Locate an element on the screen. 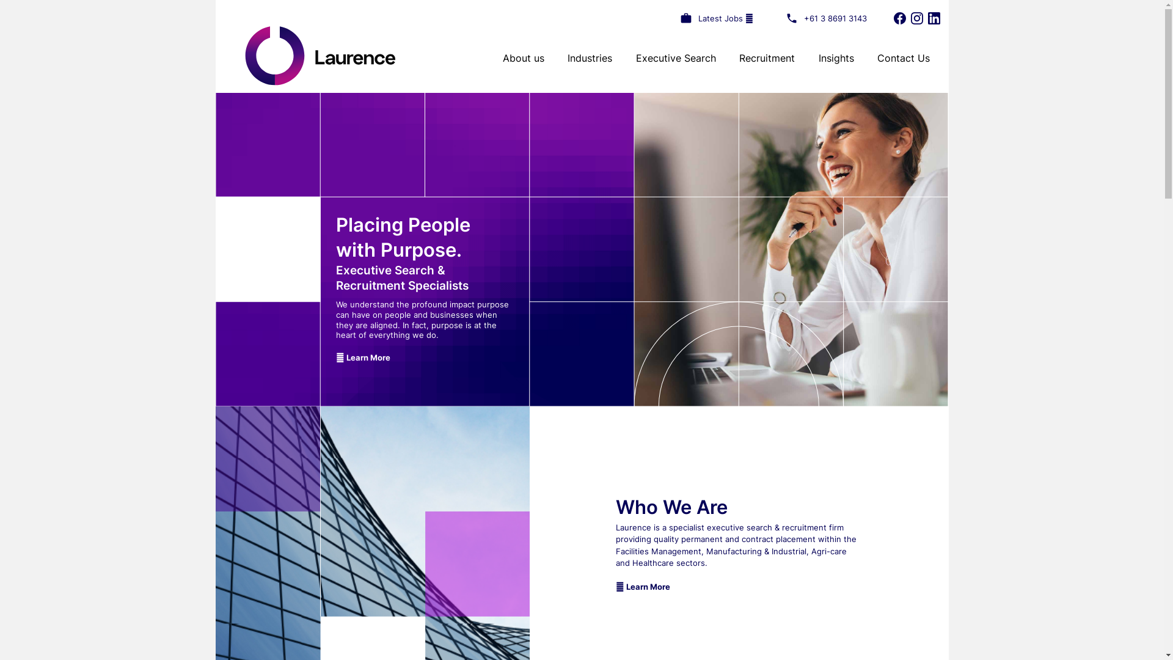 The height and width of the screenshot is (660, 1173). 'Recruitment' is located at coordinates (738, 58).